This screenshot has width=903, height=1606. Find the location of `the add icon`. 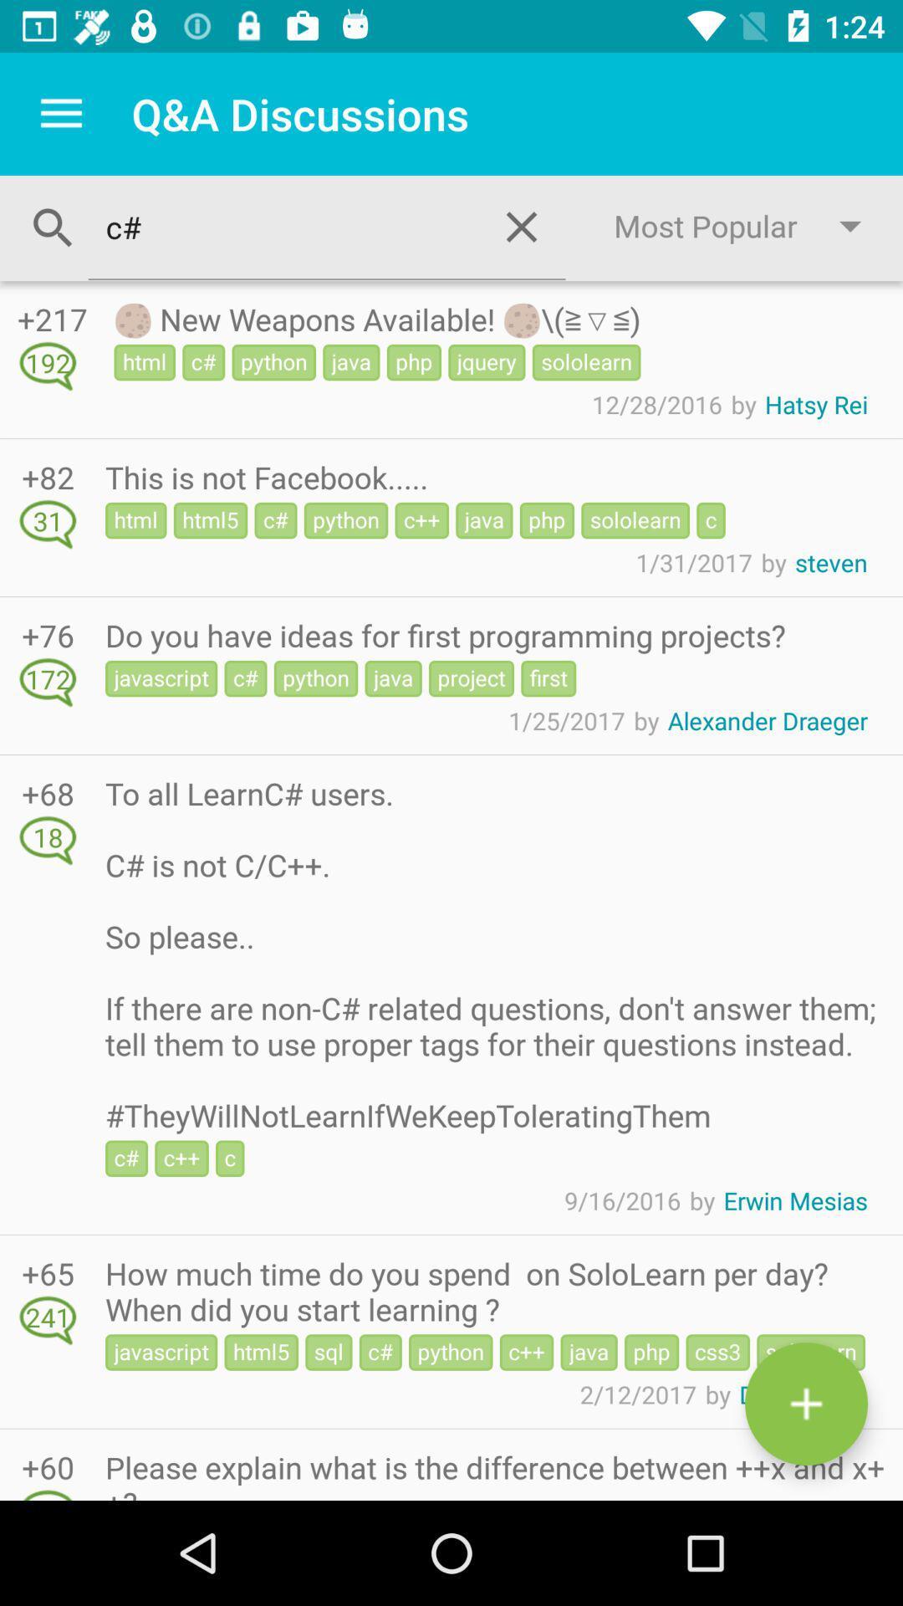

the add icon is located at coordinates (805, 1404).